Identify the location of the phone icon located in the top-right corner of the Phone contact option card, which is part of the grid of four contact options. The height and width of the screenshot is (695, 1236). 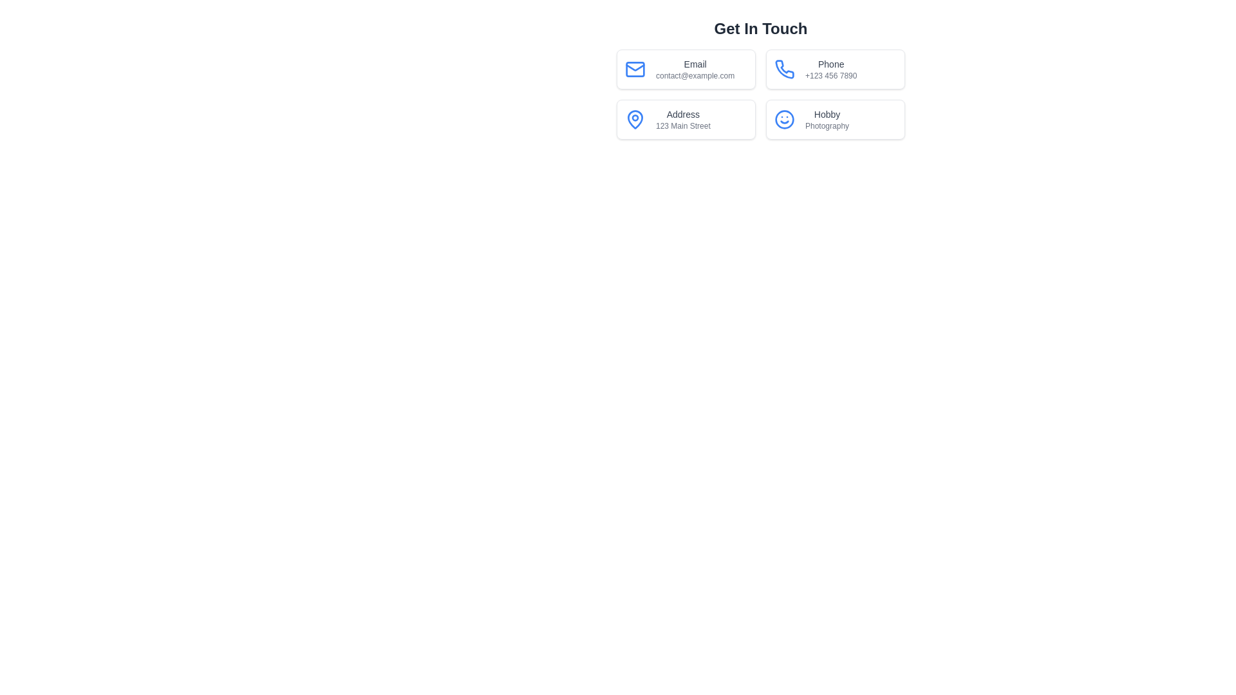
(784, 69).